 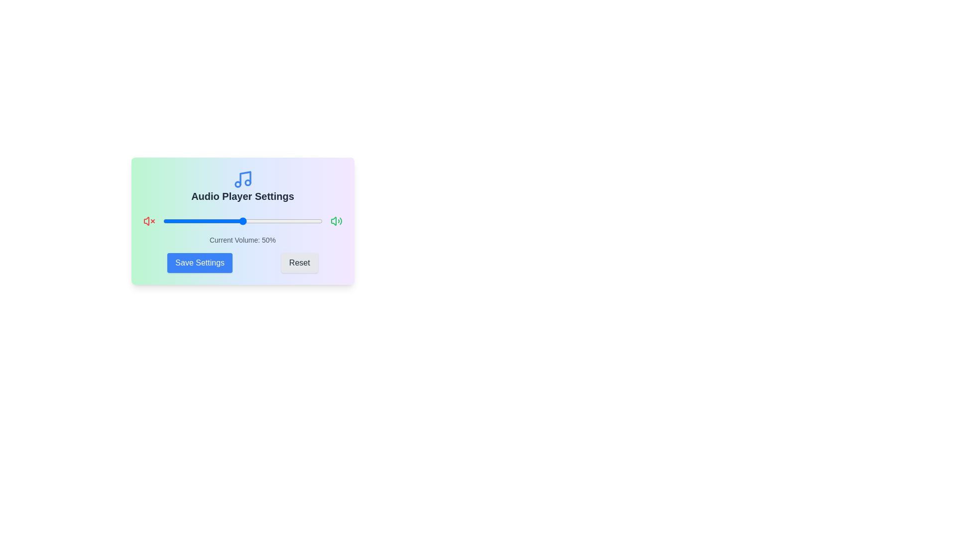 What do you see at coordinates (242, 240) in the screenshot?
I see `the Static Text Label displaying 'Current Volume: 50%' in the Audio Player Settings interface` at bounding box center [242, 240].